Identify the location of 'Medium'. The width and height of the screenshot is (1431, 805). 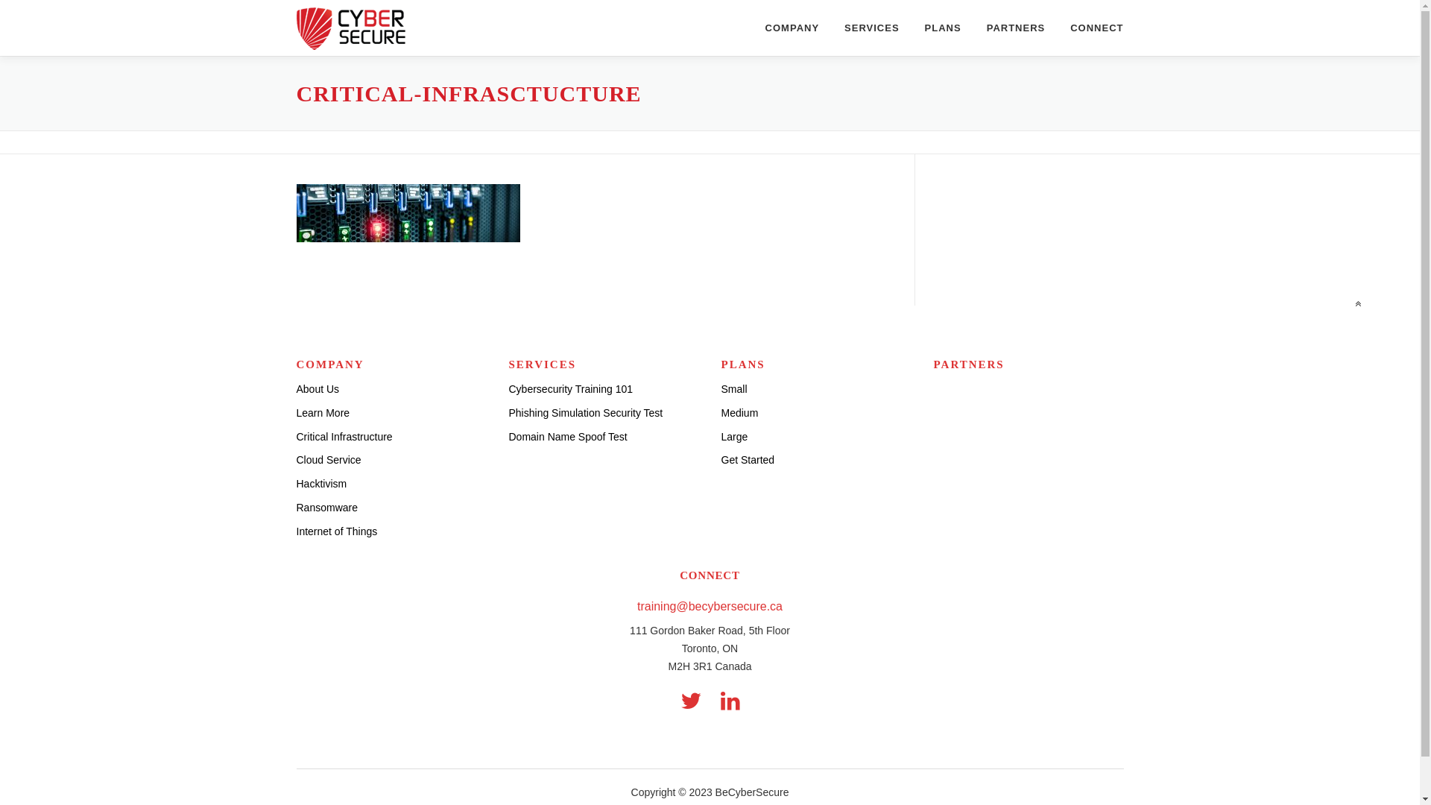
(740, 413).